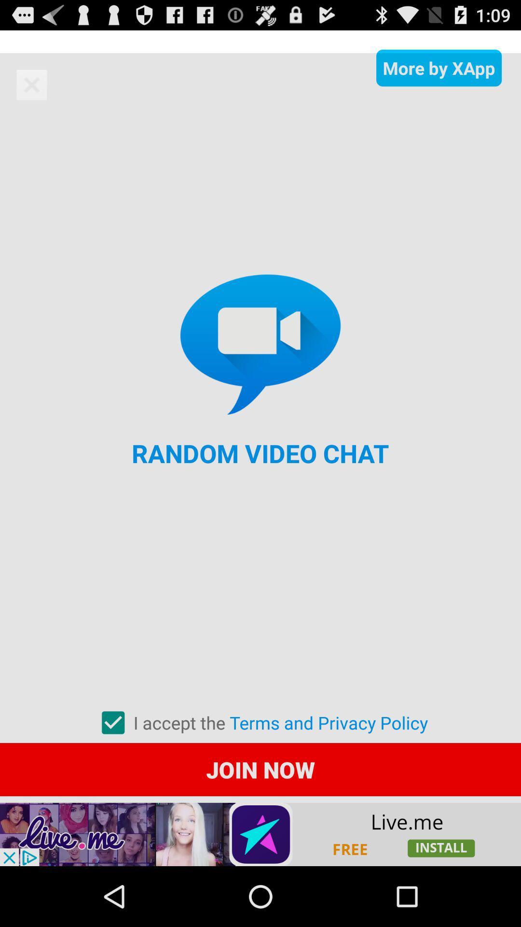 This screenshot has height=927, width=521. I want to click on click button, so click(260, 834).